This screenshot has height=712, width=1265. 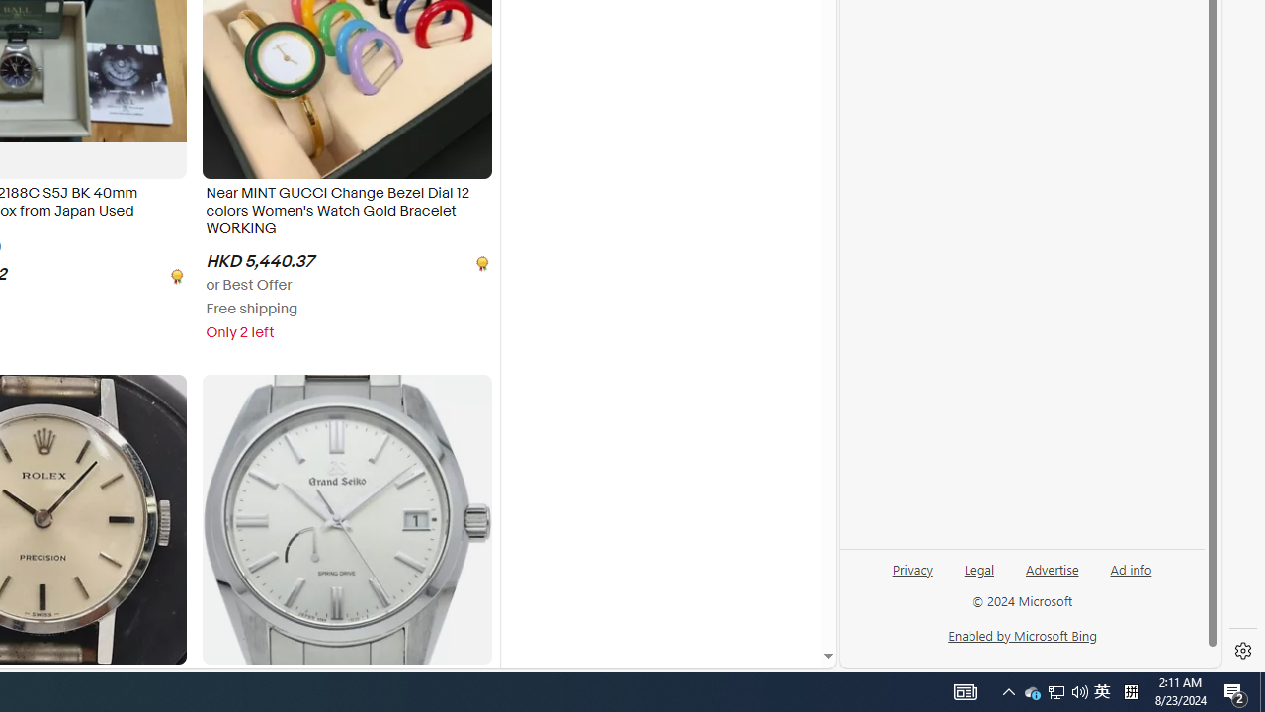 I want to click on 'Ad info', so click(x=1131, y=568).